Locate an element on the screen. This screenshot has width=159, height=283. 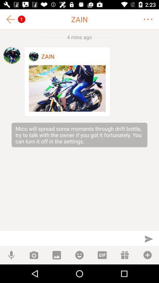
profile image is located at coordinates (34, 56).